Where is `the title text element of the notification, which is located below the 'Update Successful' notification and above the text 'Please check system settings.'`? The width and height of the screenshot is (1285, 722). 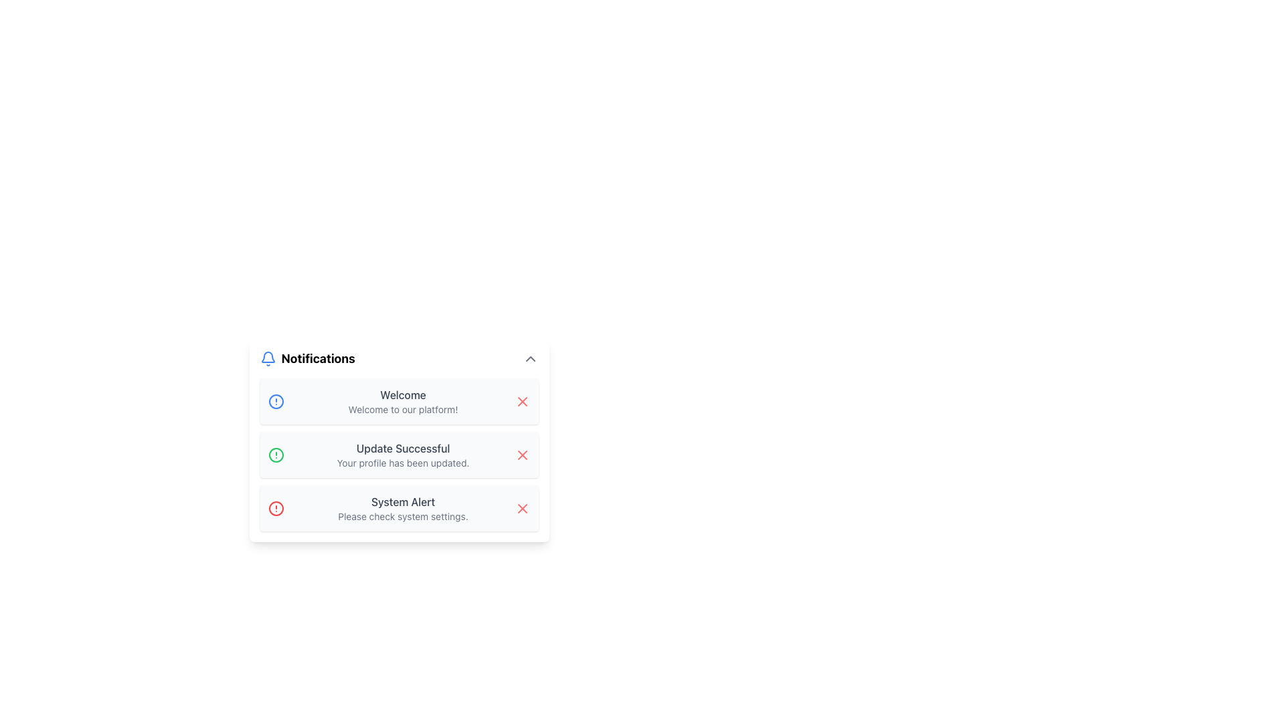 the title text element of the notification, which is located below the 'Update Successful' notification and above the text 'Please check system settings.' is located at coordinates (402, 502).